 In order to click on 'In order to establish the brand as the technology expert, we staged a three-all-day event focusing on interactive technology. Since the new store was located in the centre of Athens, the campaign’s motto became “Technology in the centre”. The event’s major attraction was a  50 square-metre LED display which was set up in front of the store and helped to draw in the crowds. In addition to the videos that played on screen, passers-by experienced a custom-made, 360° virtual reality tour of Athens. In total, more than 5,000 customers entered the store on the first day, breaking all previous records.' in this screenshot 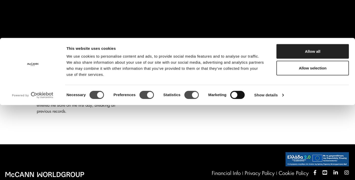, I will do `click(81, 75)`.